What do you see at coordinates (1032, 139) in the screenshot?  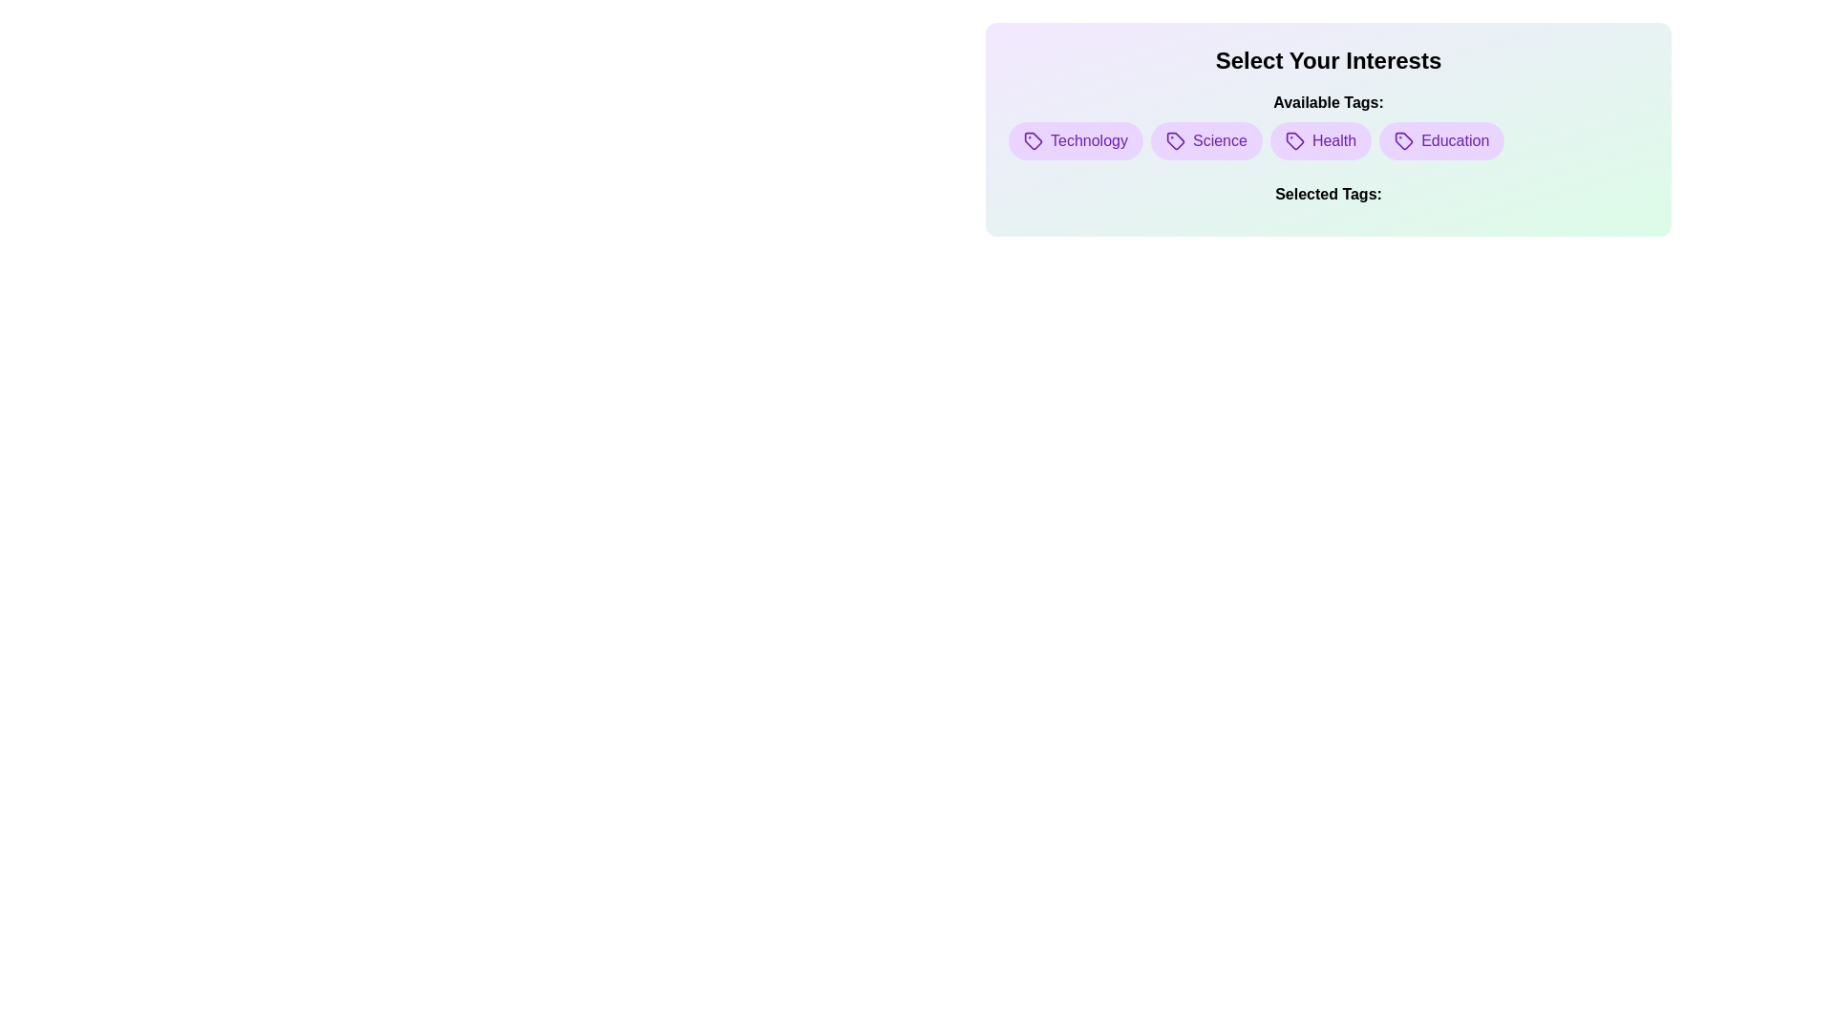 I see `the polygonal icon representing the 'Technology' tag` at bounding box center [1032, 139].